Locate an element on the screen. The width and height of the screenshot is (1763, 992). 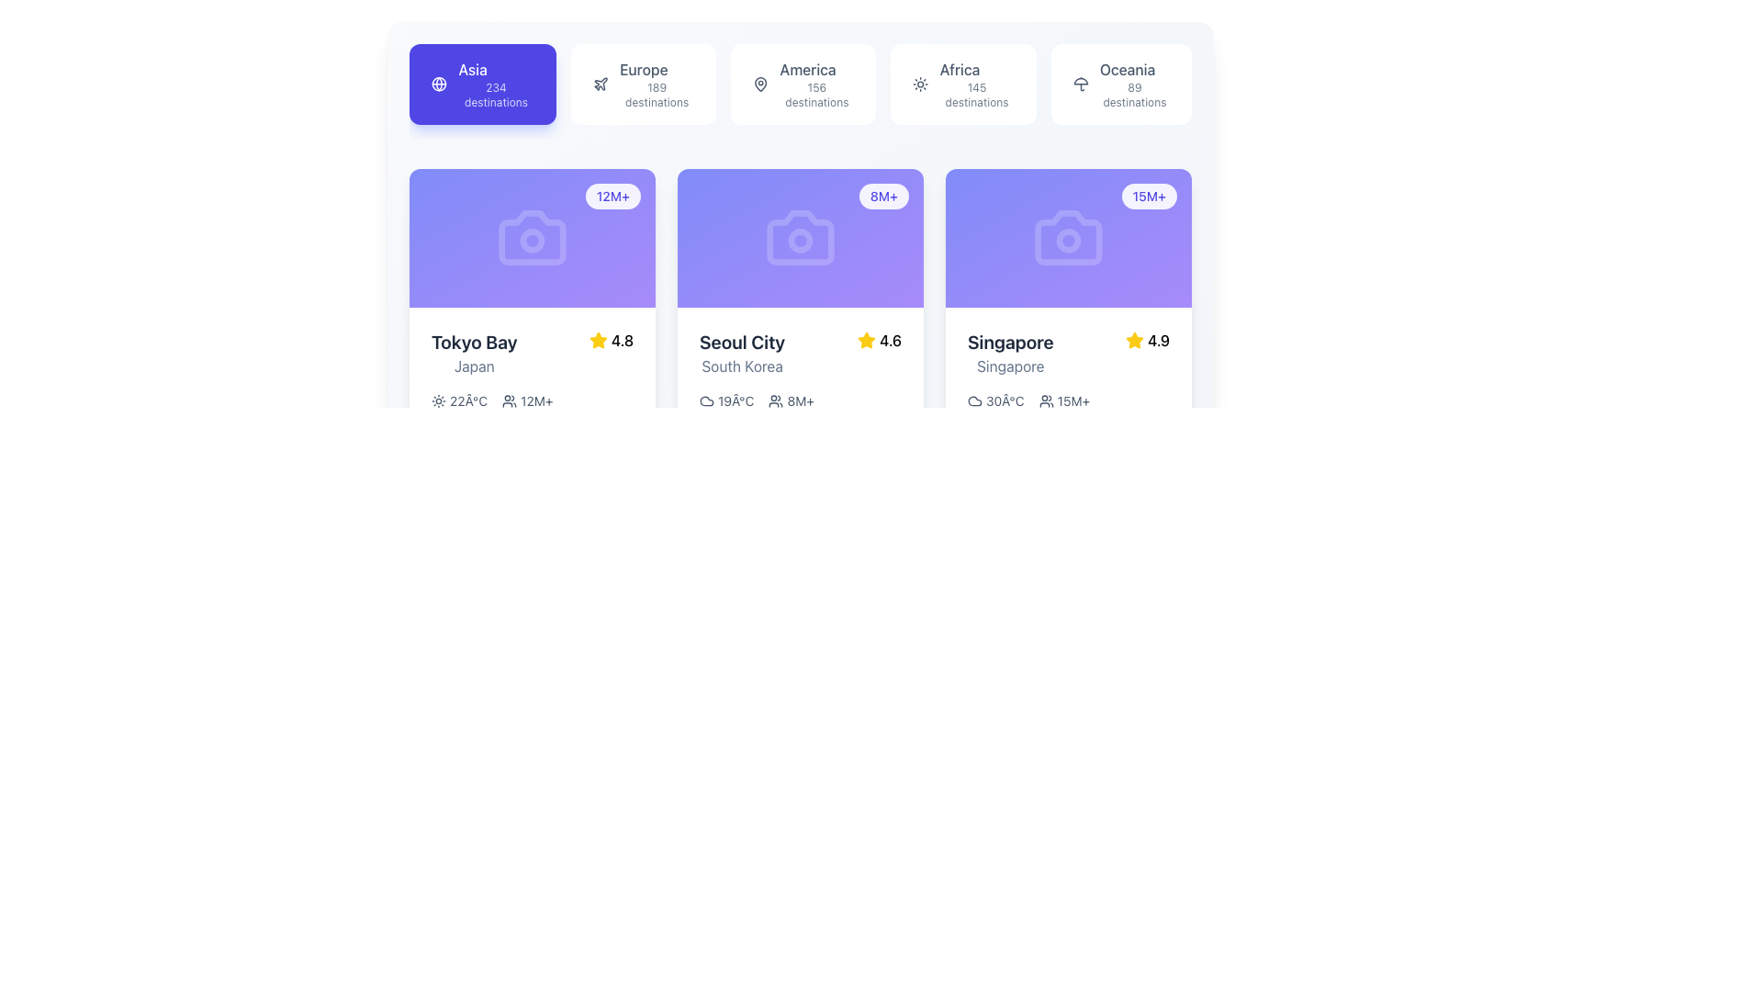
text label displaying 'Oceania' in blue color with medium font weight located at the top of the Oceania destinations card is located at coordinates (1127, 69).